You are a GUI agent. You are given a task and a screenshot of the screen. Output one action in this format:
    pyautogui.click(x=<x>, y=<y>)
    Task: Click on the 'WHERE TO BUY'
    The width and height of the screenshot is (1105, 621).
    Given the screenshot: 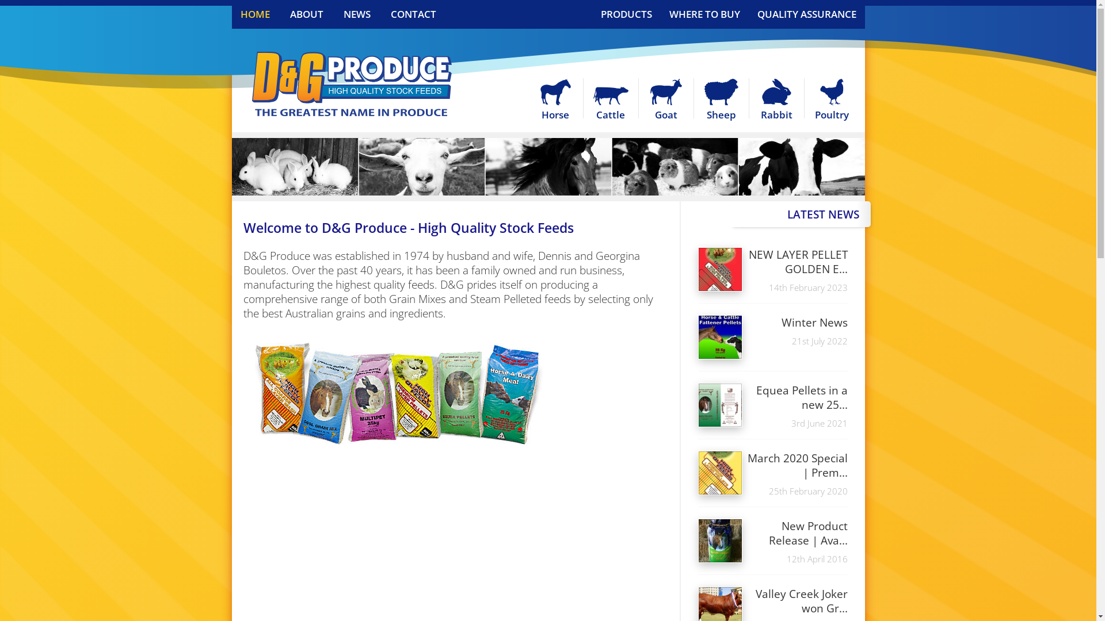 What is the action you would take?
    pyautogui.click(x=703, y=14)
    